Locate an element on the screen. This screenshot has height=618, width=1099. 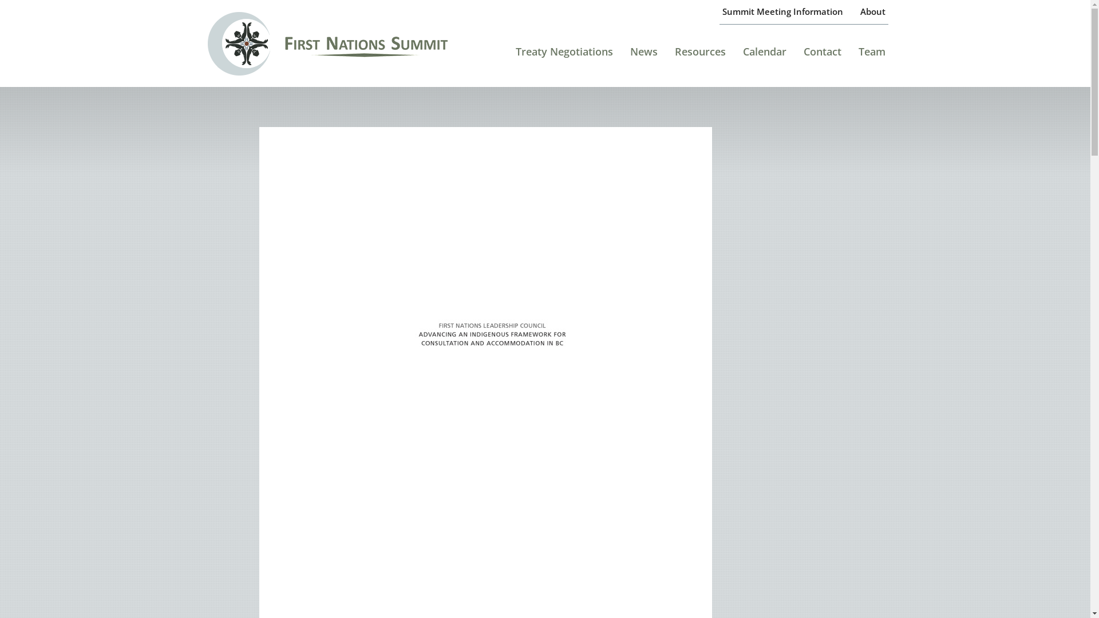
'About' is located at coordinates (872, 11).